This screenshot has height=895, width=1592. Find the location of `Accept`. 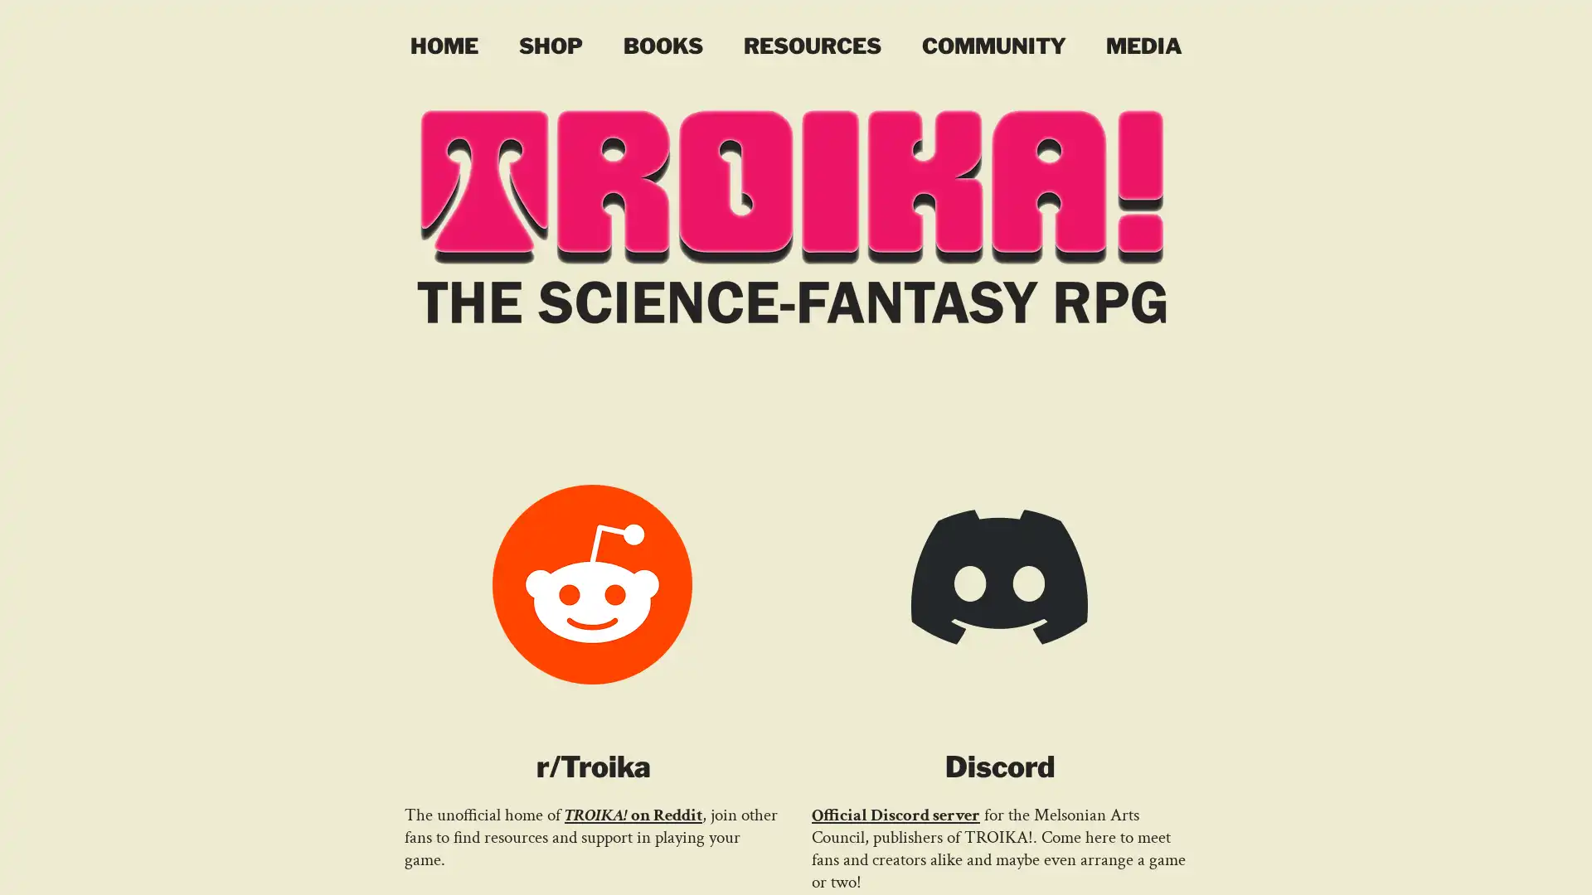

Accept is located at coordinates (1517, 865).